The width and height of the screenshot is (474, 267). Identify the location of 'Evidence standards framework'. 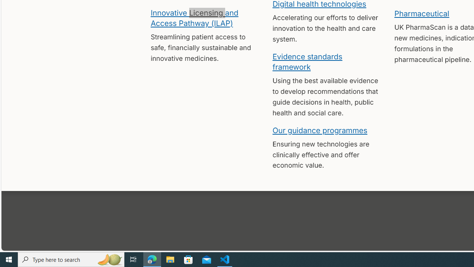
(307, 61).